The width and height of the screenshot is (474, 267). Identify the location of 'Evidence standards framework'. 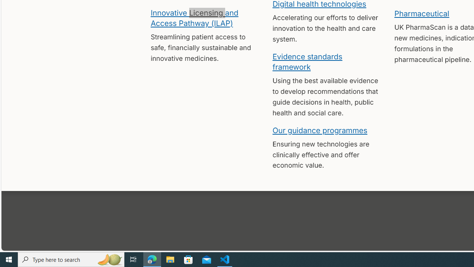
(307, 61).